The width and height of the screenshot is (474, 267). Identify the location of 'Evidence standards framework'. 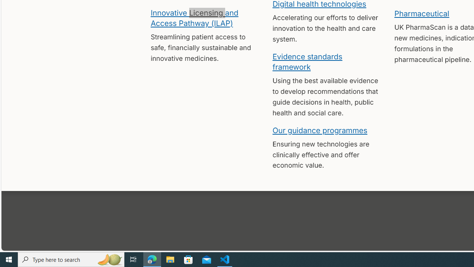
(307, 61).